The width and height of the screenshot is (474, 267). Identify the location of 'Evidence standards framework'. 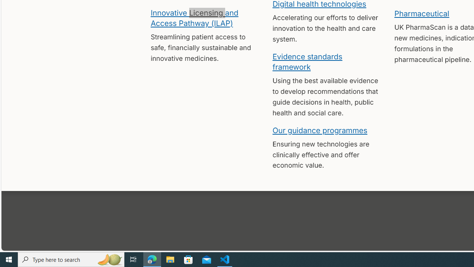
(307, 61).